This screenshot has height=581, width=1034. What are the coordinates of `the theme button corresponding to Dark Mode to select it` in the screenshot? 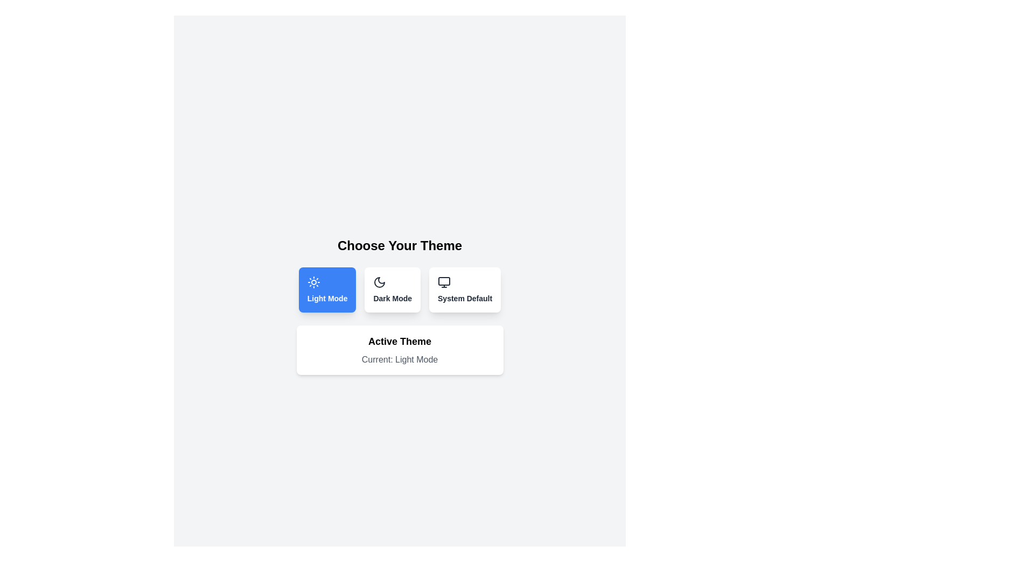 It's located at (392, 289).